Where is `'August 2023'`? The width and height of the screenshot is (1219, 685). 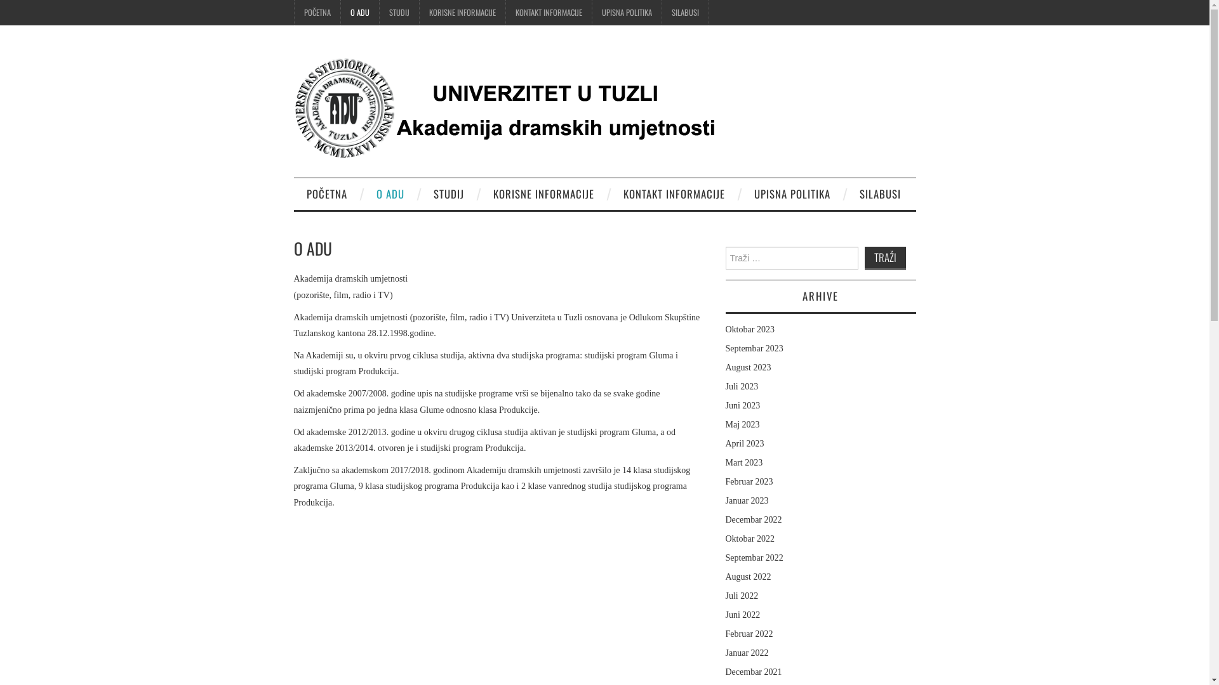
'August 2023' is located at coordinates (747, 367).